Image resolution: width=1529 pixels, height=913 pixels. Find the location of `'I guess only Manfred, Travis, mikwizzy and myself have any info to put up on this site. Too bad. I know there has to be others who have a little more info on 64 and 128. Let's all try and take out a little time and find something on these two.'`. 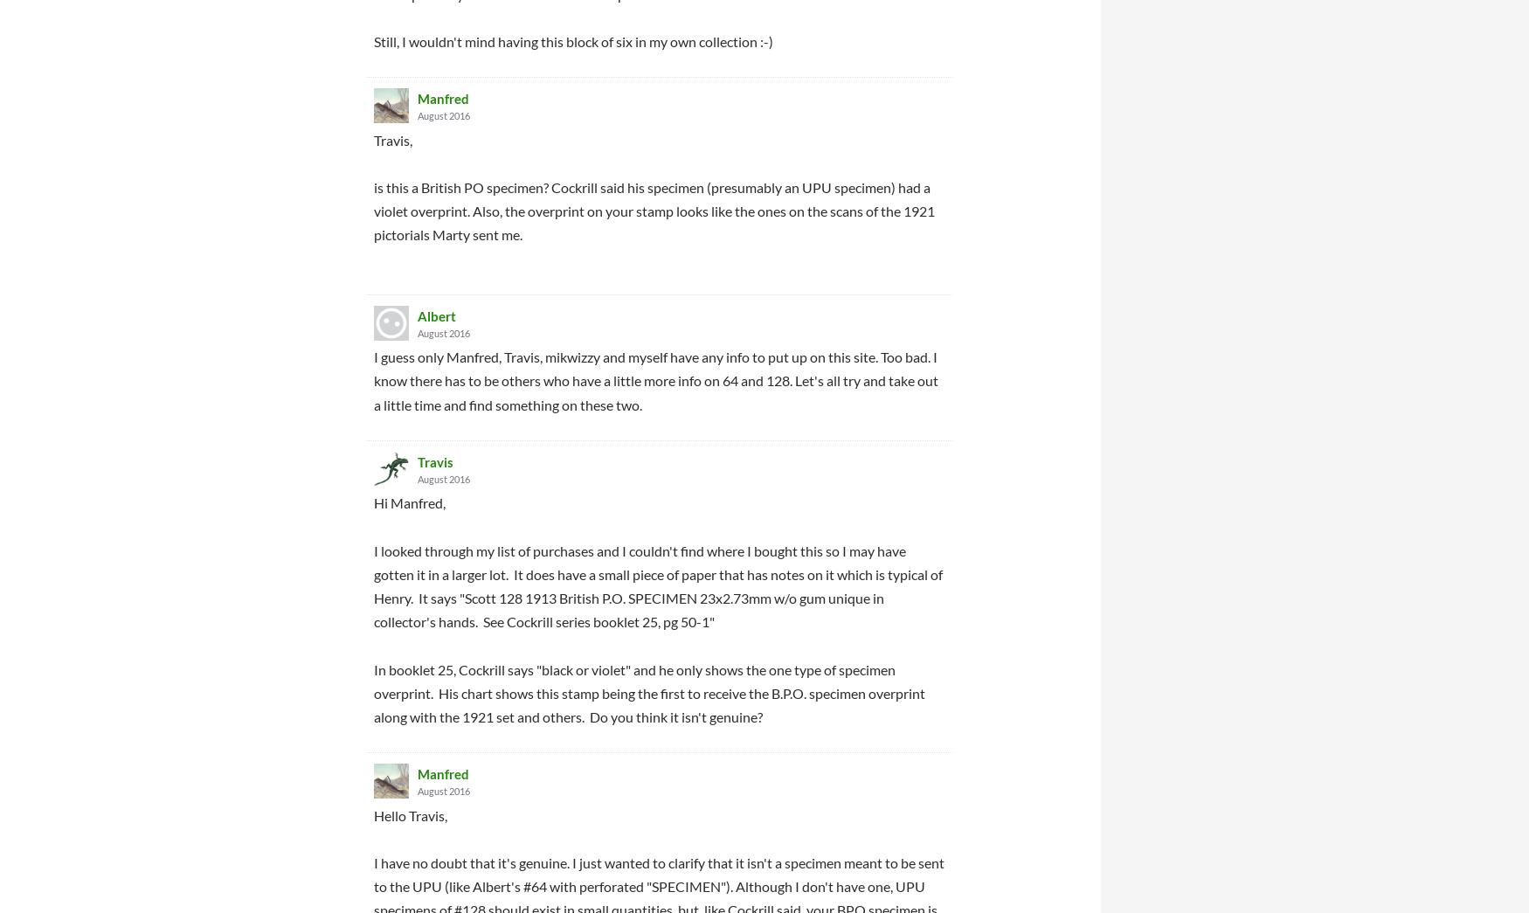

'I guess only Manfred, Travis, mikwizzy and myself have any info to put up on this site. Too bad. I know there has to be others who have a little more info on 64 and 128. Let's all try and take out a little time and find something on these two.' is located at coordinates (655, 380).